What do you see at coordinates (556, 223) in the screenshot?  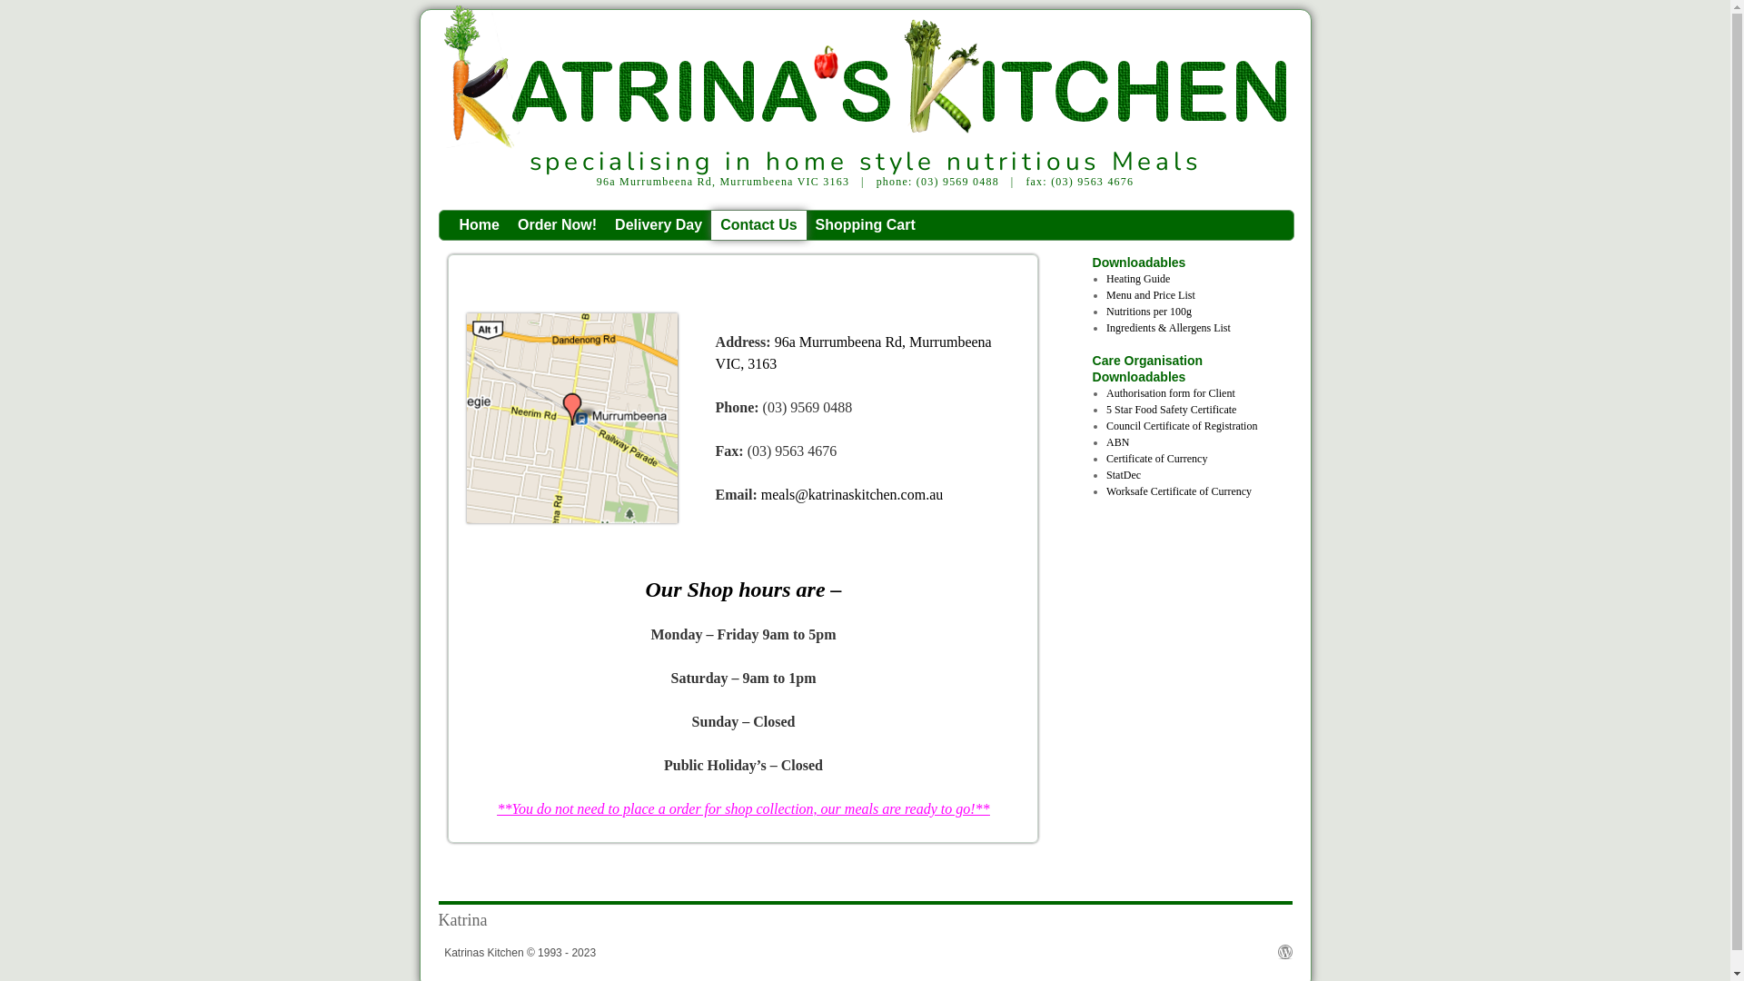 I see `'Order Now!'` at bounding box center [556, 223].